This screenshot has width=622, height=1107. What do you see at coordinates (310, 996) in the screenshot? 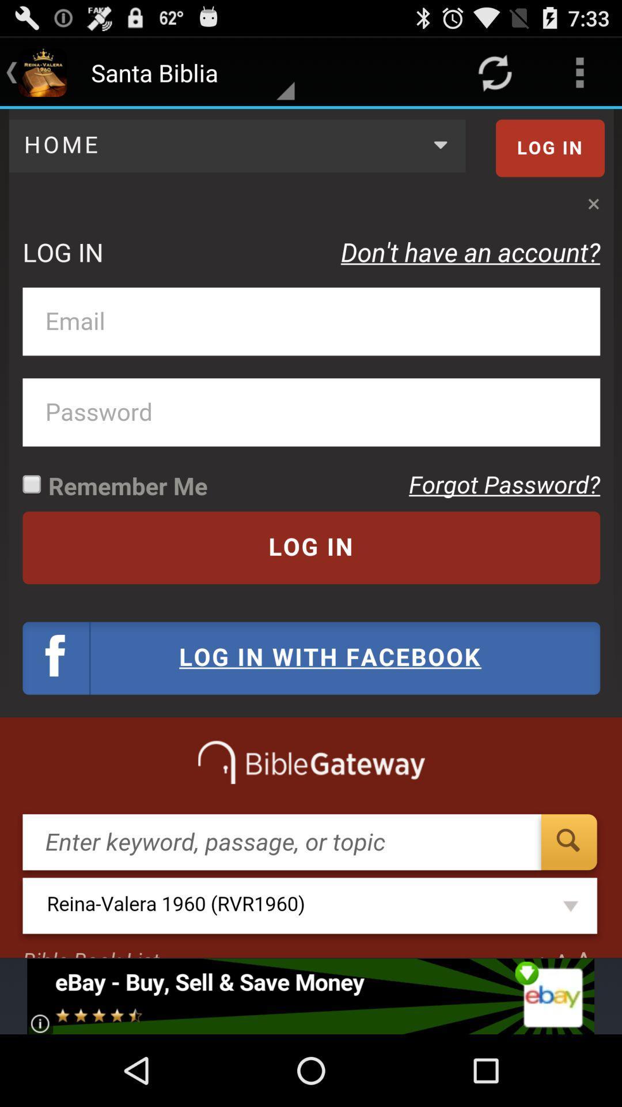
I see `advertisement` at bounding box center [310, 996].